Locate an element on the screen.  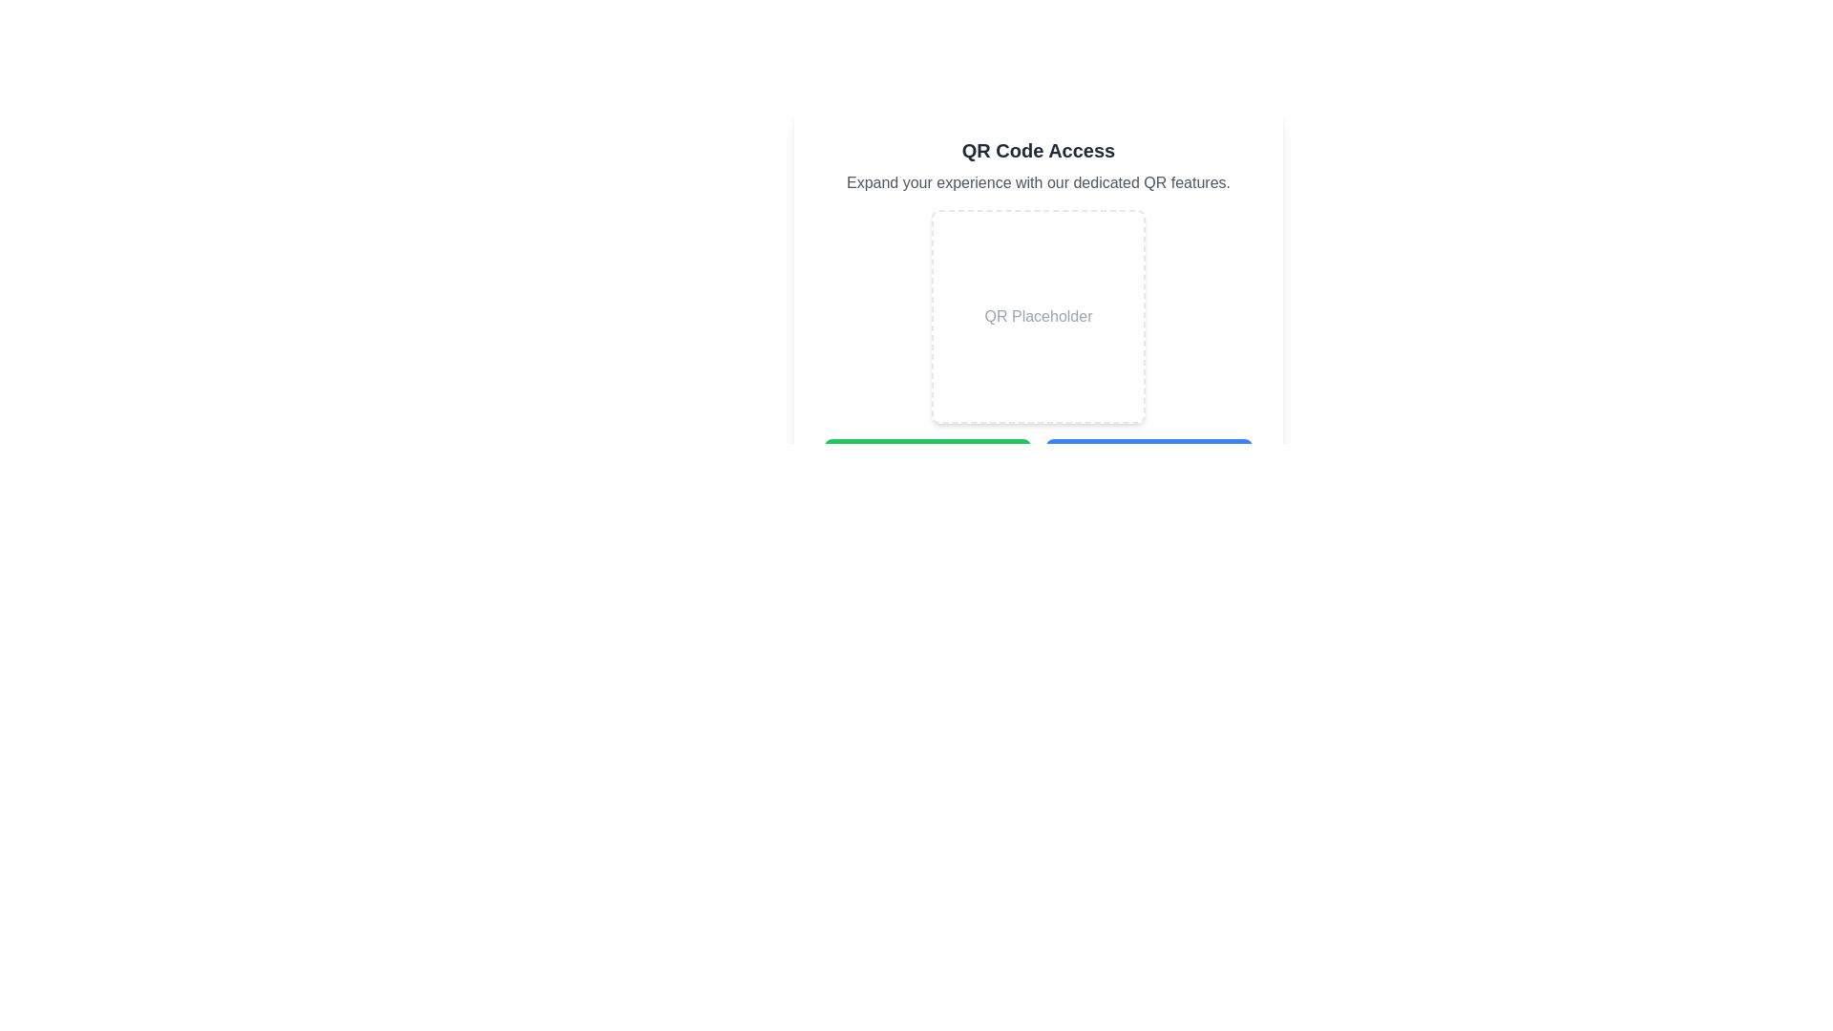
the green 'Copy QR Code' button located at the top-left of the button grid to copy the QR code is located at coordinates (927, 457).